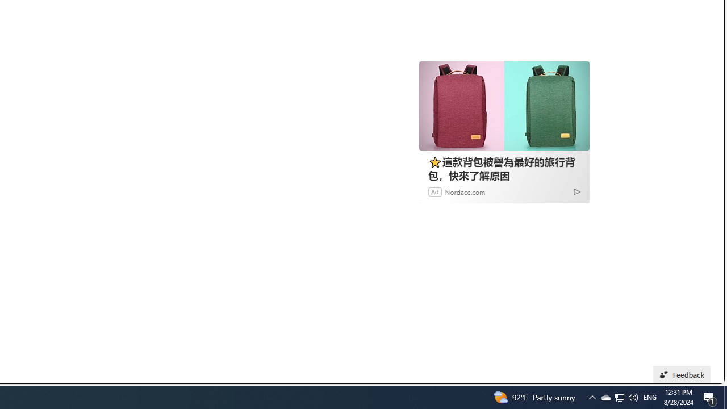 The height and width of the screenshot is (409, 727). Describe the element at coordinates (465, 191) in the screenshot. I see `'Nordace.com'` at that location.